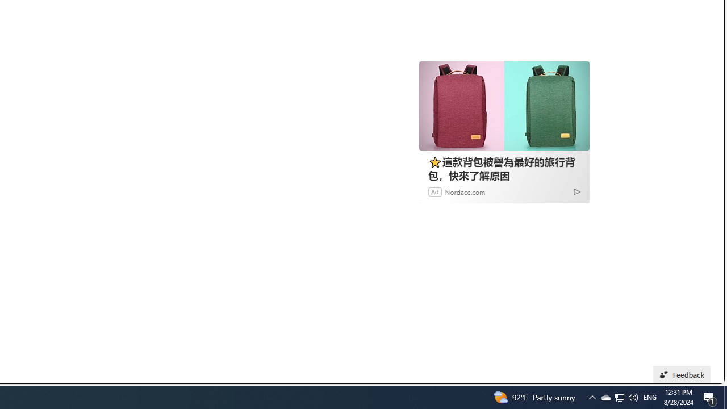 The height and width of the screenshot is (409, 727). Describe the element at coordinates (465, 191) in the screenshot. I see `'Nordace.com'` at that location.